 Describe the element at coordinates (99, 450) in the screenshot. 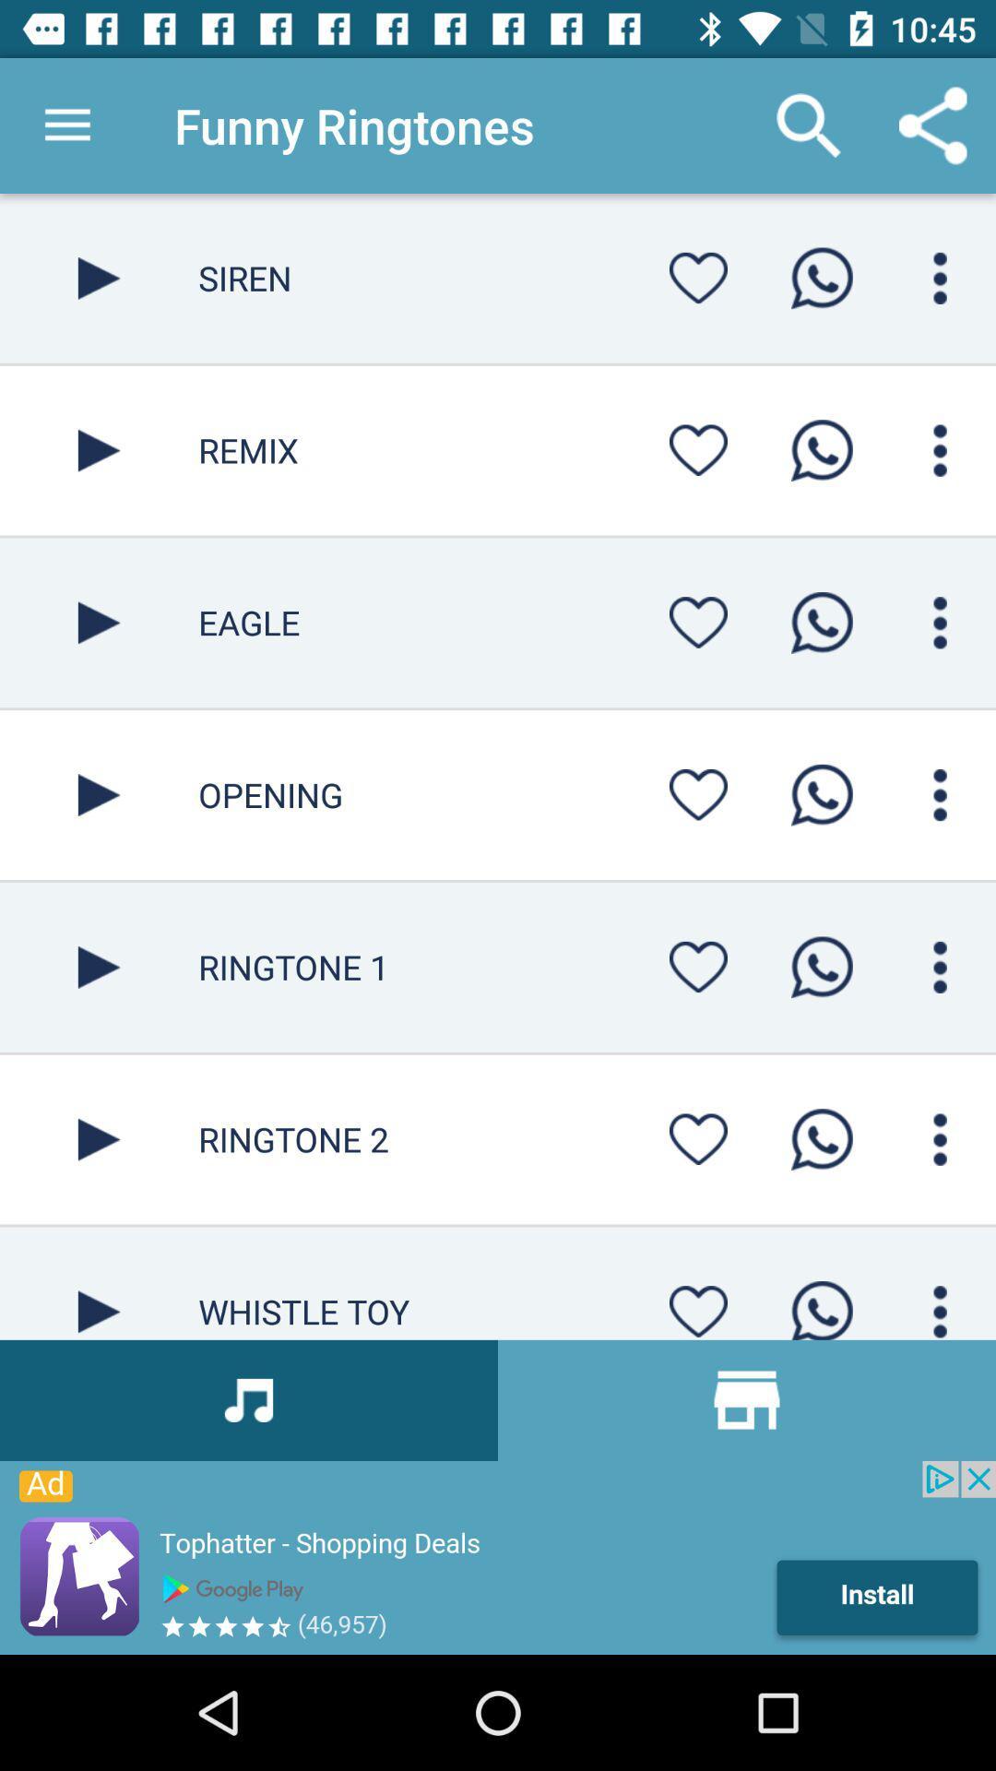

I see `page` at that location.